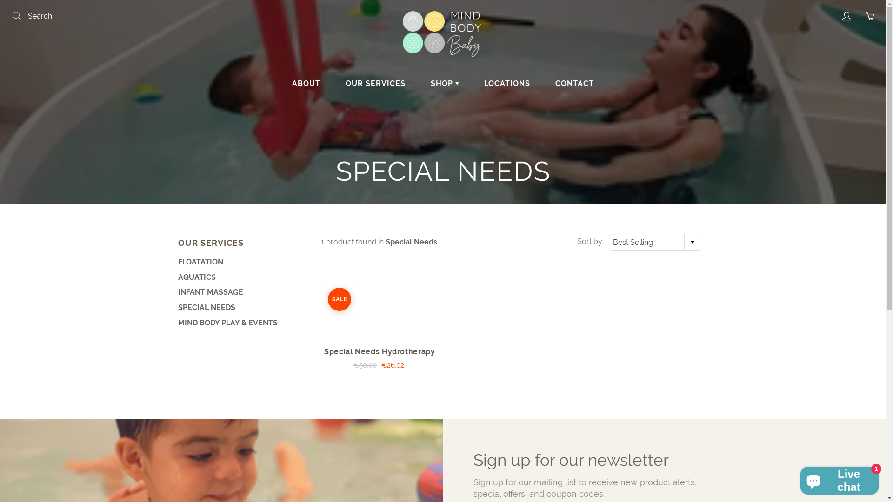 The width and height of the screenshot is (893, 502). What do you see at coordinates (839, 478) in the screenshot?
I see `'Shopify online store chat'` at bounding box center [839, 478].